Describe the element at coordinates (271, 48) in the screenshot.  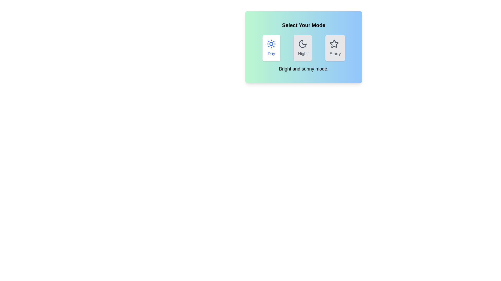
I see `the mode by clicking on the button labeled Day` at that location.